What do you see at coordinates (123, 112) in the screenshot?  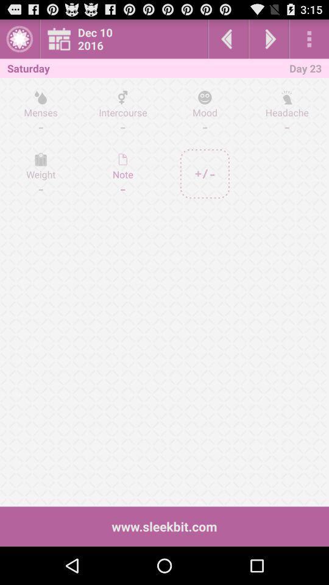 I see `the button intercourse on the web page` at bounding box center [123, 112].